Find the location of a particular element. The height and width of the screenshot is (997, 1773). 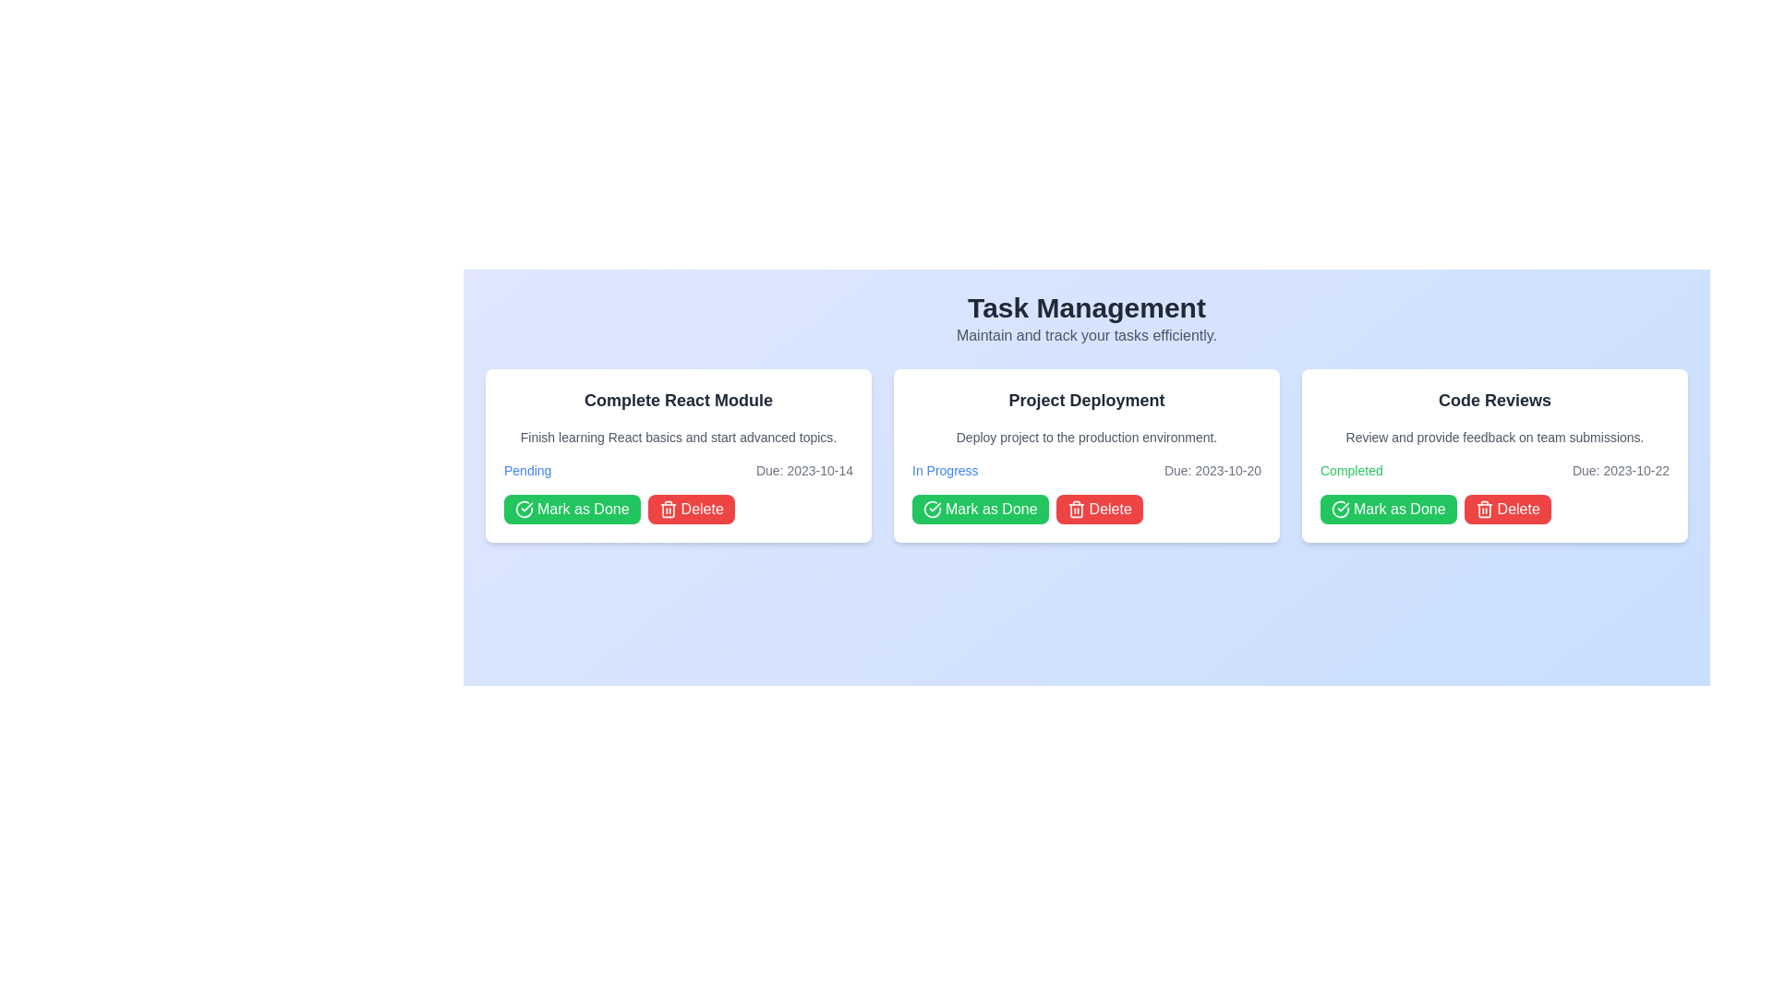

the main heading text at the top center of the interface, which indicates the nature of the content related to task management is located at coordinates (1086, 307).